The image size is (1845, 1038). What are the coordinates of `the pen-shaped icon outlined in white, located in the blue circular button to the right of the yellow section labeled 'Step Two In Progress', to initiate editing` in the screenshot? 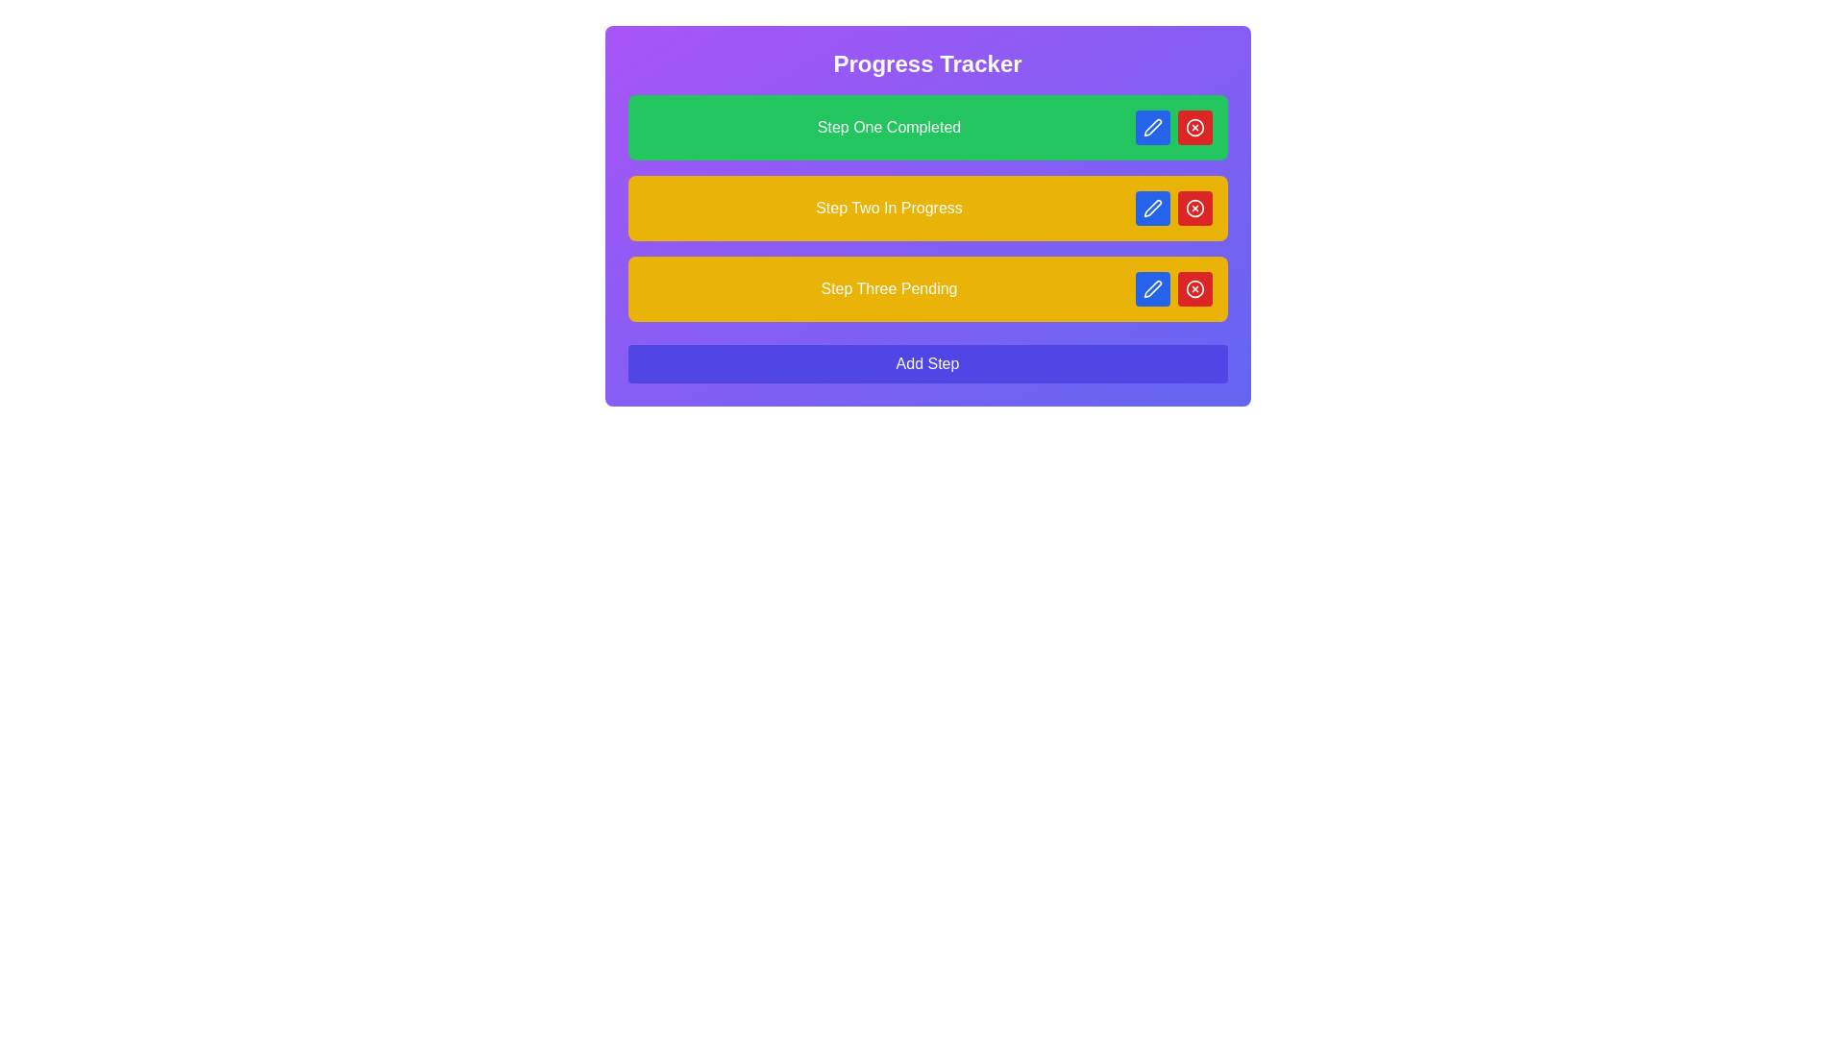 It's located at (1152, 208).